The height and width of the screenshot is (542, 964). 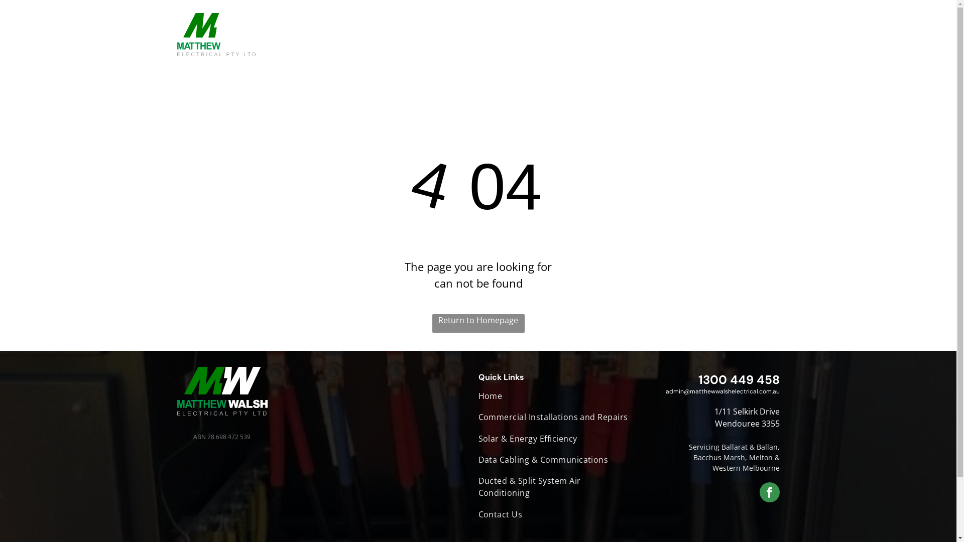 What do you see at coordinates (553, 488) in the screenshot?
I see `'Ducted & Split System Air Conditioning'` at bounding box center [553, 488].